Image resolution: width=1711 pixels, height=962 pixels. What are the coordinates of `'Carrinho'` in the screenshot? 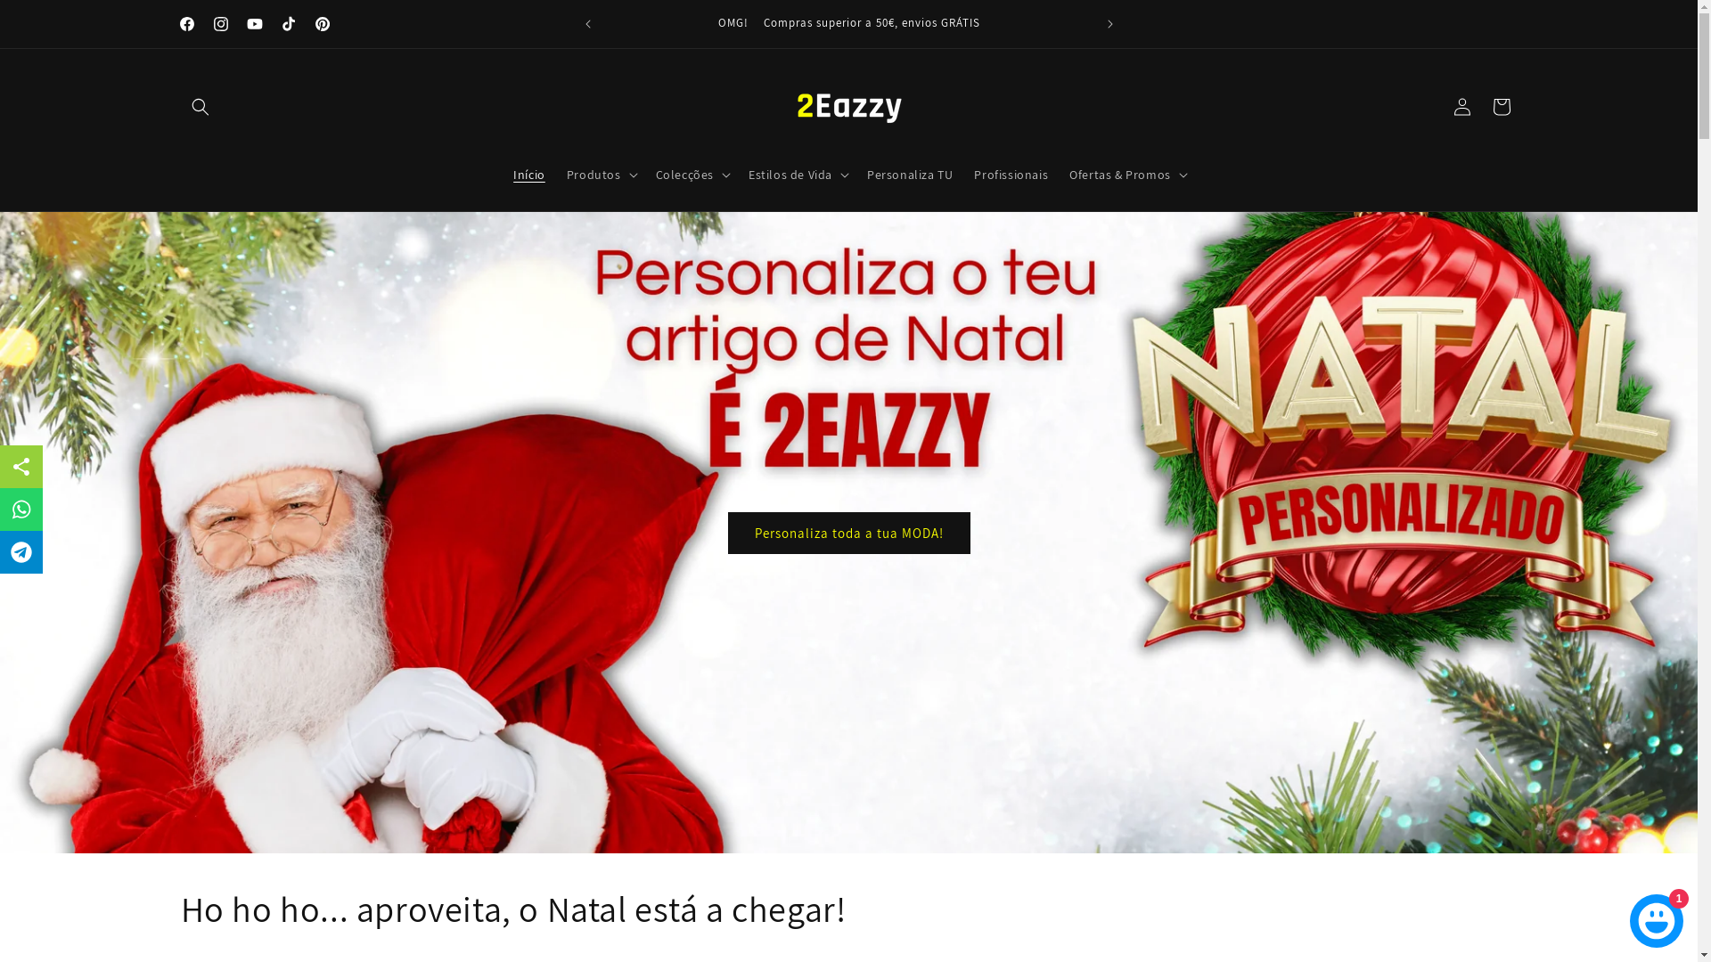 It's located at (1500, 106).